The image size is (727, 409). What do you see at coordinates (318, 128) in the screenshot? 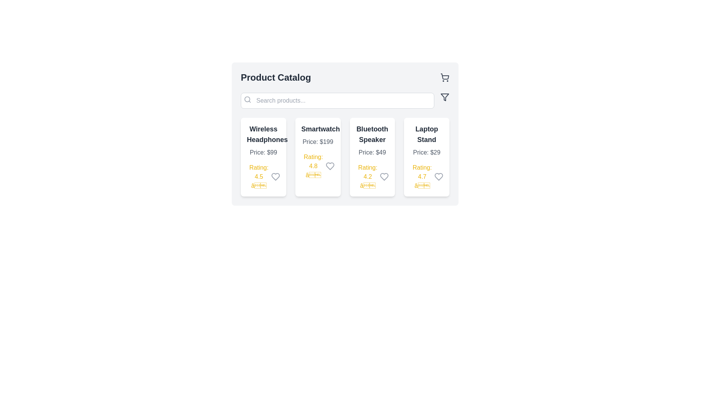
I see `the product title text label located in the second card from the left of the product catalog, positioned above the price and rating information` at bounding box center [318, 128].